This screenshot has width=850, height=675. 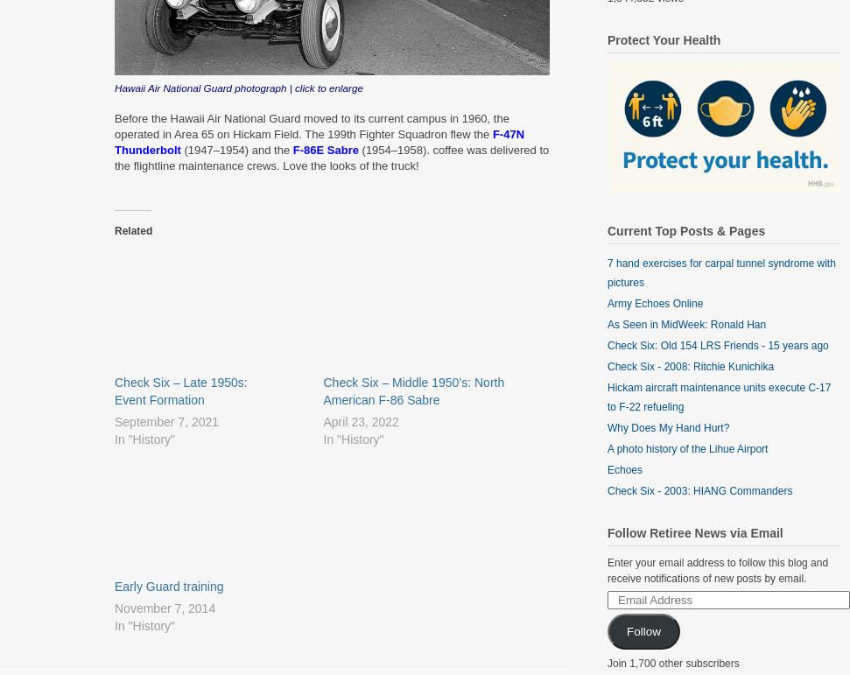 I want to click on 'As Seen in MidWeek: Ronald Han', so click(x=686, y=324).